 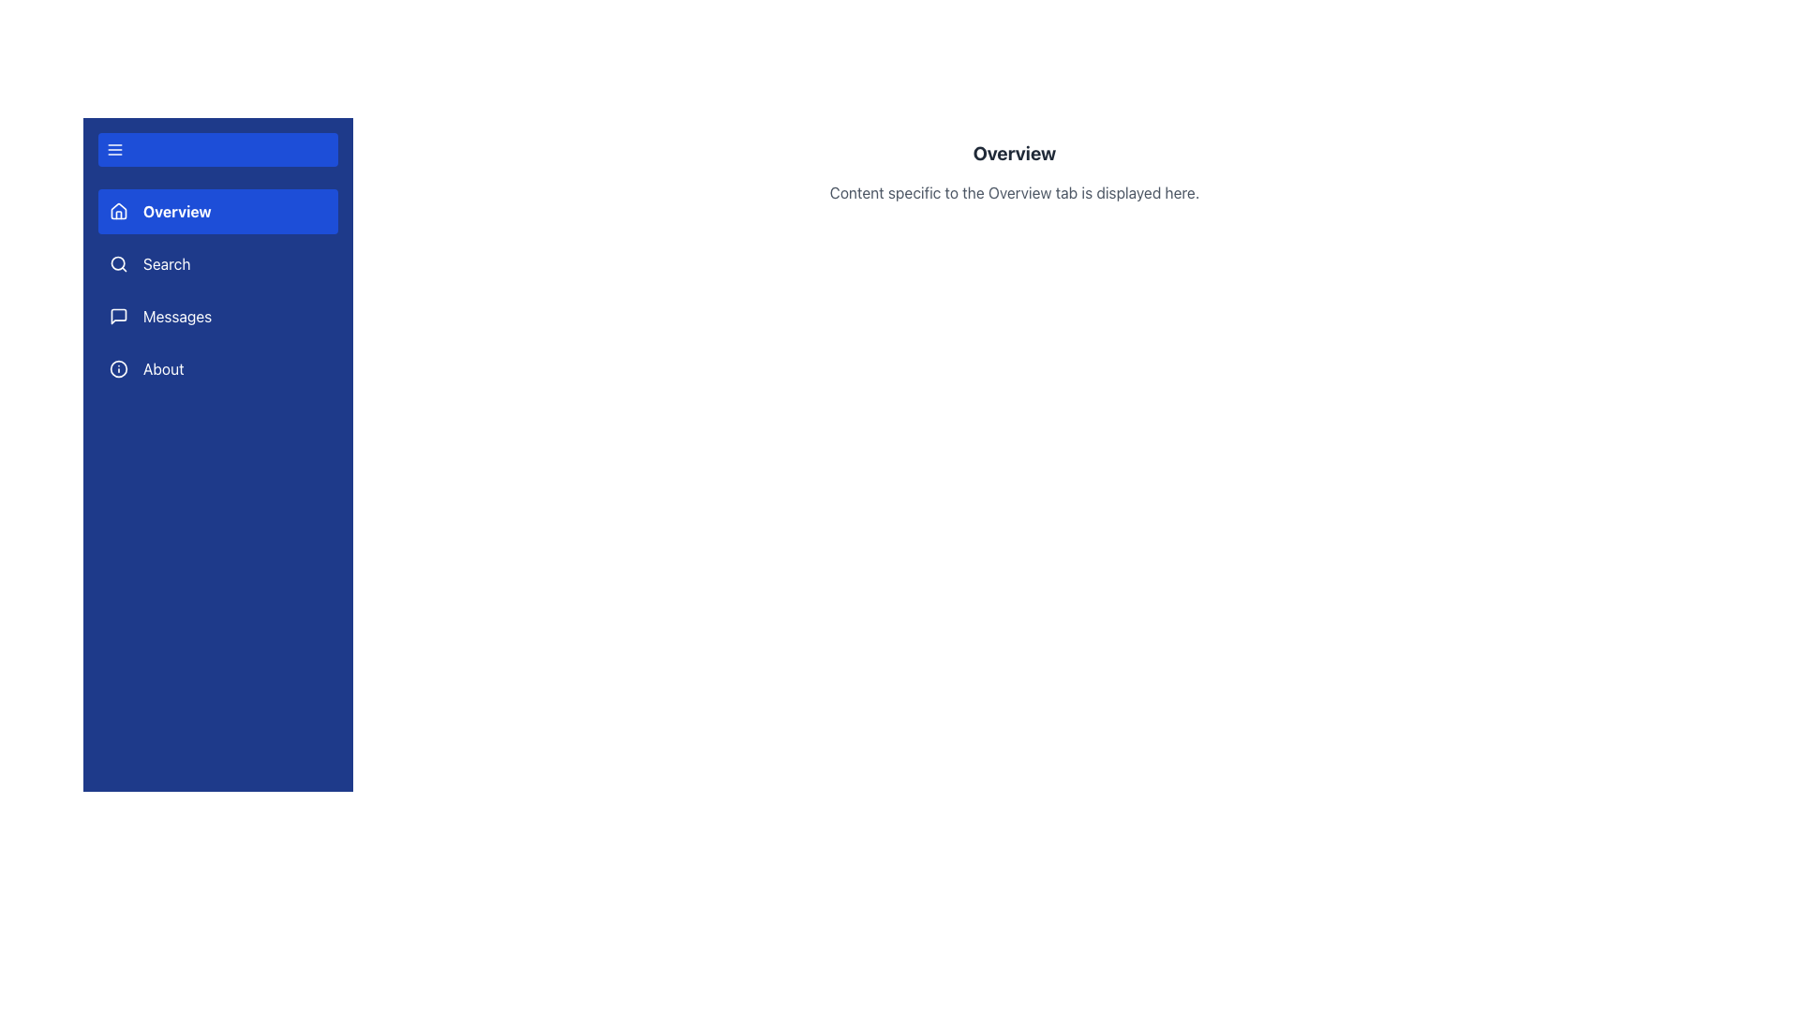 What do you see at coordinates (117, 368) in the screenshot?
I see `the circular element within the 'About' menu item in the vertical navigation bar, which is represented by an SVG icon with a blue background and white foreground` at bounding box center [117, 368].